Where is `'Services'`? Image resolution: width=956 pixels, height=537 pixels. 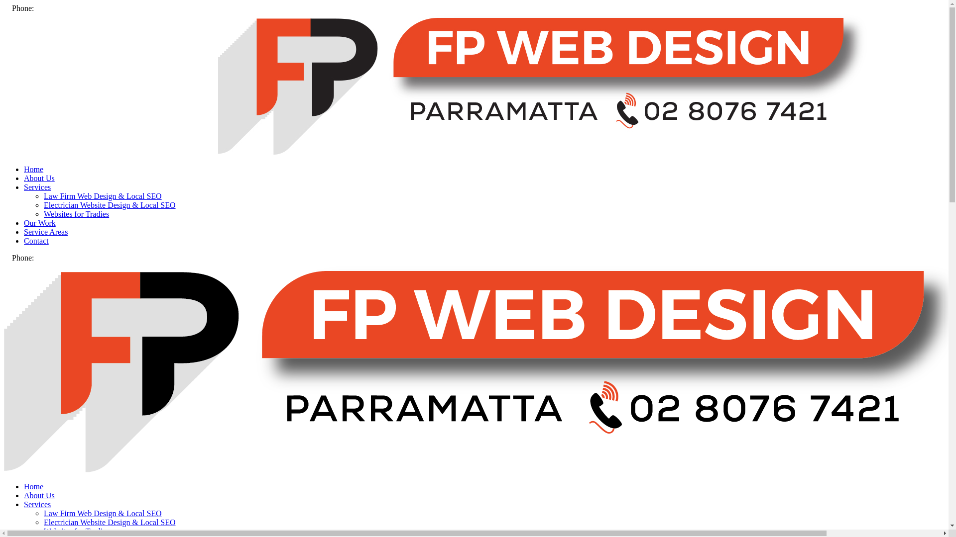
'Services' is located at coordinates (24, 504).